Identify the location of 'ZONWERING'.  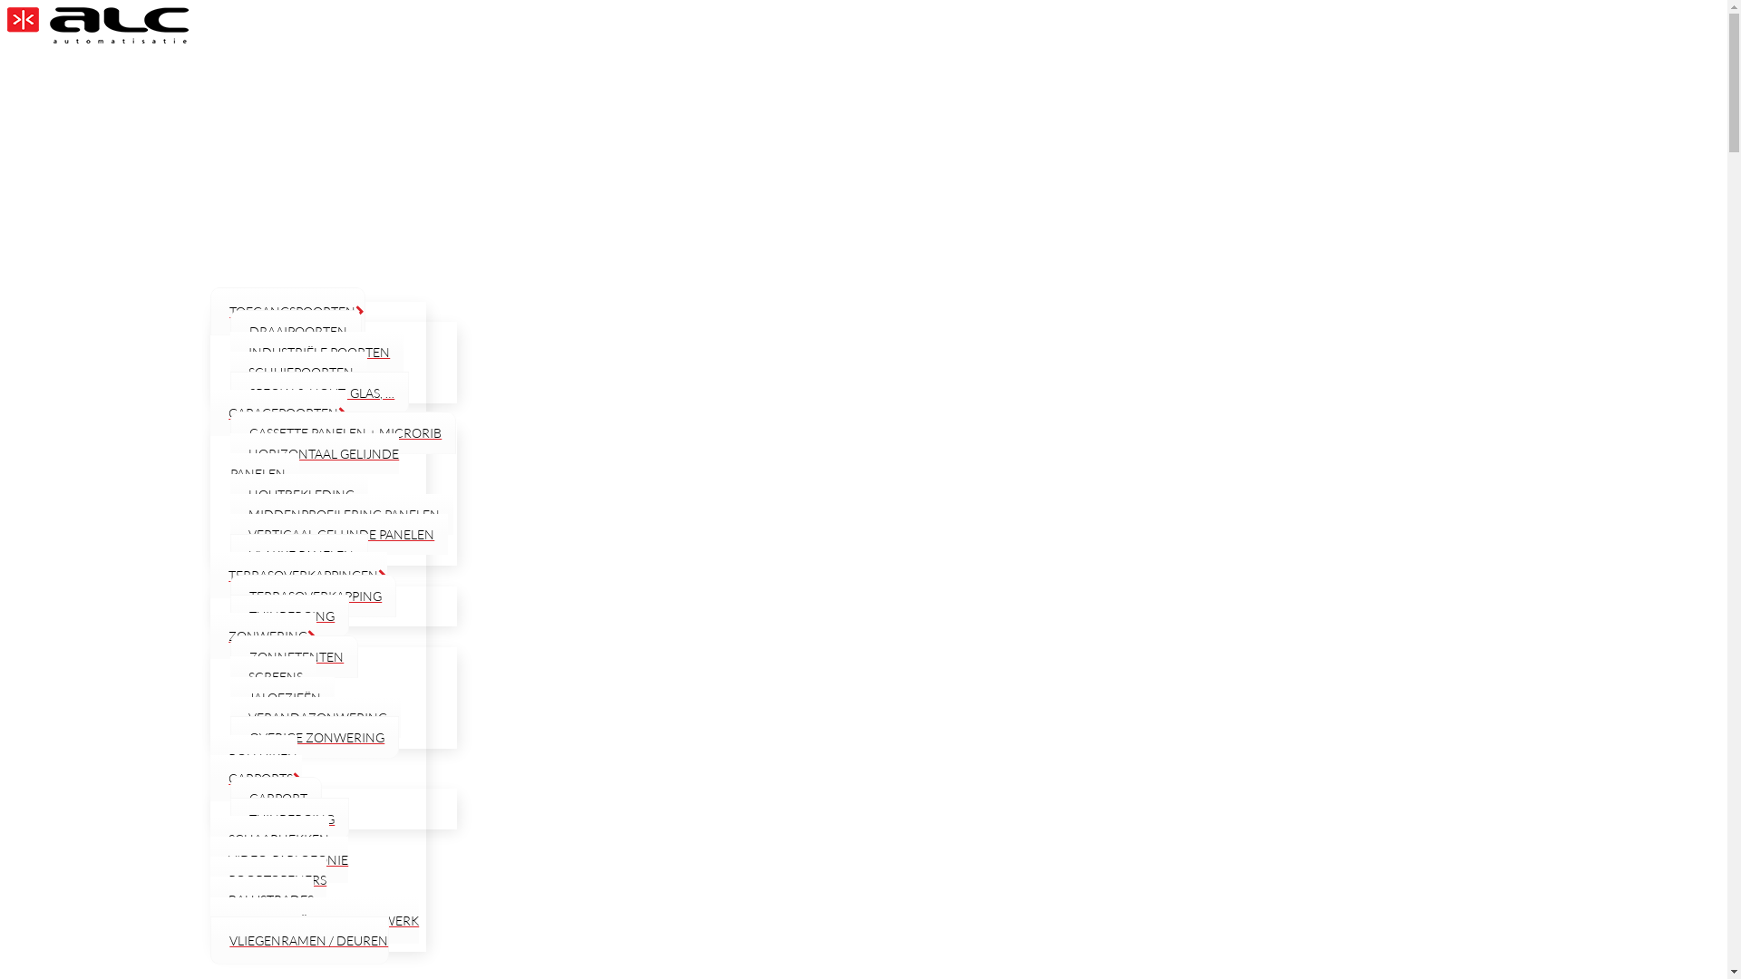
(209, 635).